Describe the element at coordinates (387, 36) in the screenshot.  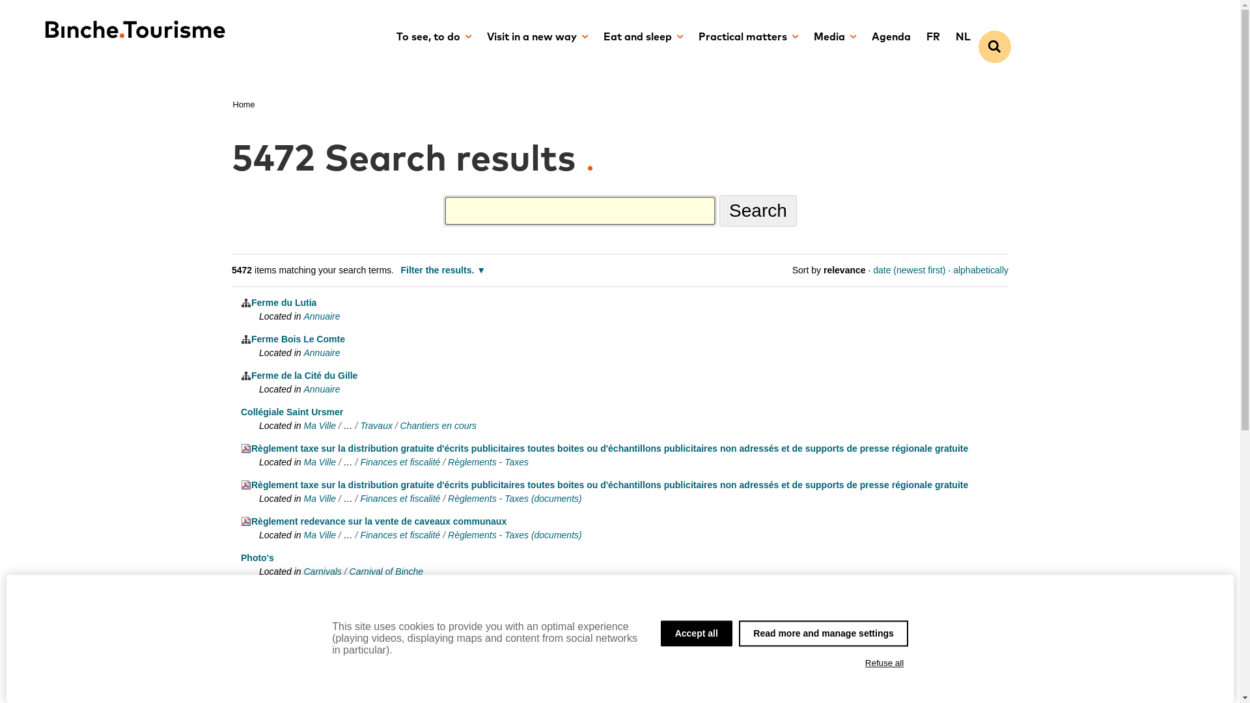
I see `'To see, to do'` at that location.